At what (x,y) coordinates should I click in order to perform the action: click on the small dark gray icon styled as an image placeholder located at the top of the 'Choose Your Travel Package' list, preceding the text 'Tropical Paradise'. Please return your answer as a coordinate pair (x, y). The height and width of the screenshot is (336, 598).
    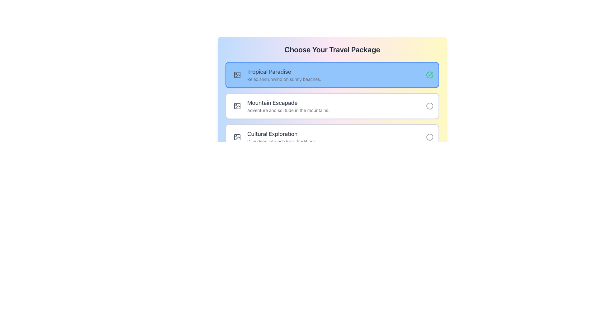
    Looking at the image, I should click on (237, 137).